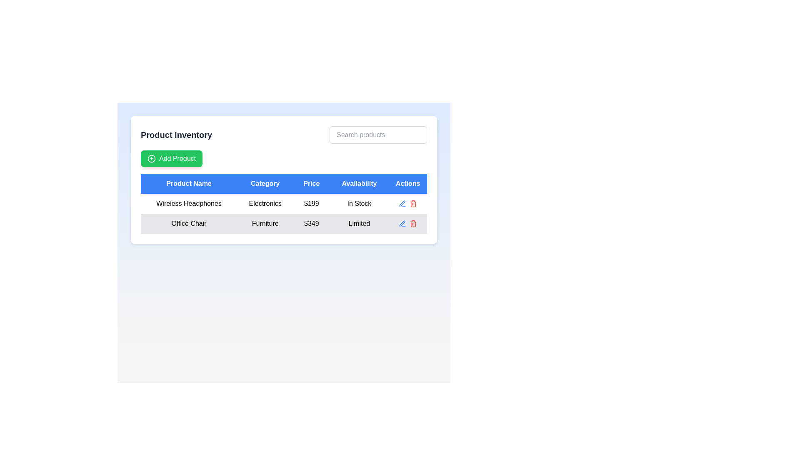 The height and width of the screenshot is (450, 800). Describe the element at coordinates (311, 183) in the screenshot. I see `the Table Header Cell labeled 'Price', which is a blue button with white text, located in the header row between 'Category' and 'Availability'` at that location.